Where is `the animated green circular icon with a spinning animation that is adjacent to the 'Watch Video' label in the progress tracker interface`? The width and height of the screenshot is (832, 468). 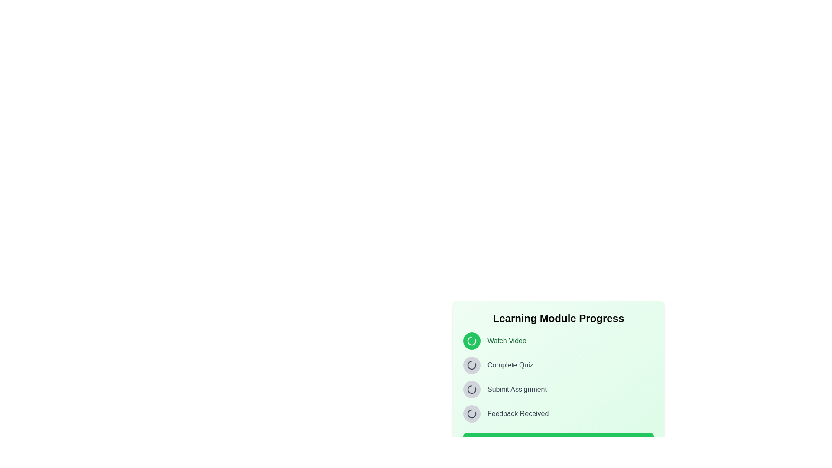
the animated green circular icon with a spinning animation that is adjacent to the 'Watch Video' label in the progress tracker interface is located at coordinates (471, 340).